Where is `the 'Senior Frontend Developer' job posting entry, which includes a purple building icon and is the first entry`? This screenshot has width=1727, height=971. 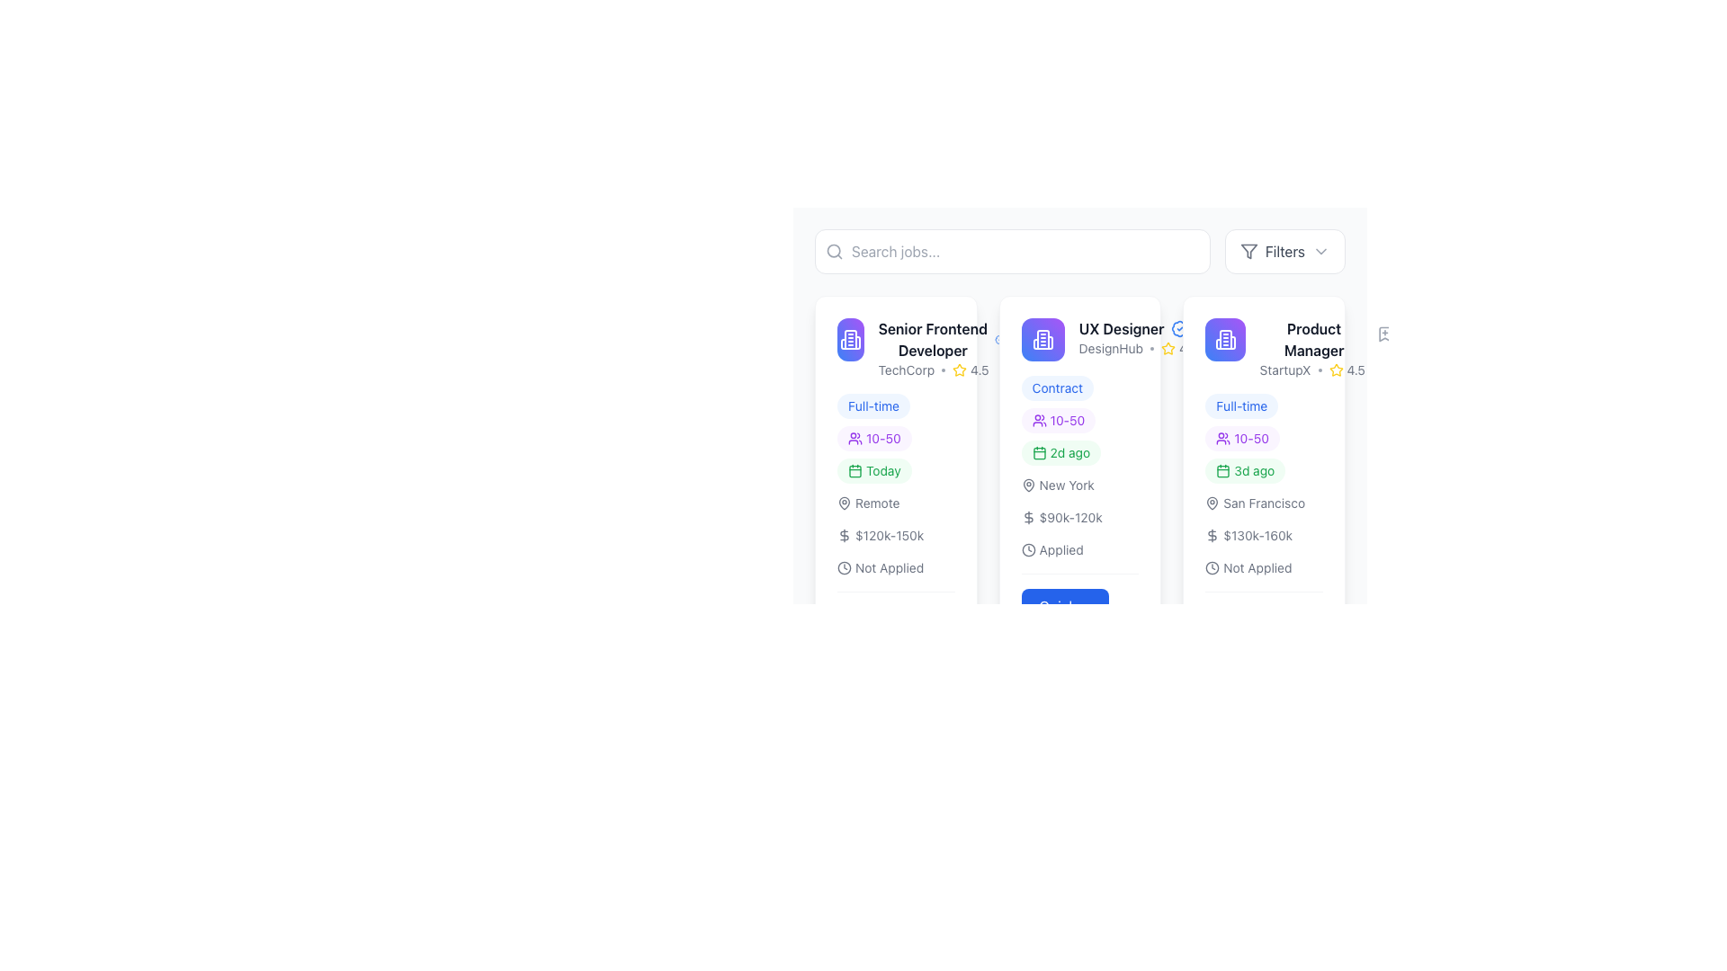
the 'Senior Frontend Developer' job posting entry, which includes a purple building icon and is the first entry is located at coordinates (896, 349).